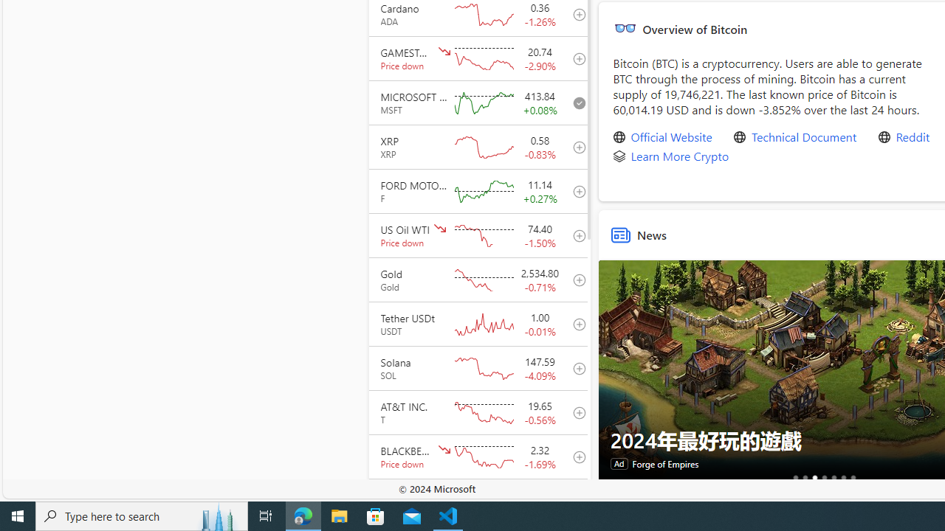 The image size is (945, 531). What do you see at coordinates (574, 102) in the screenshot?
I see `'remove from your watchlist'` at bounding box center [574, 102].